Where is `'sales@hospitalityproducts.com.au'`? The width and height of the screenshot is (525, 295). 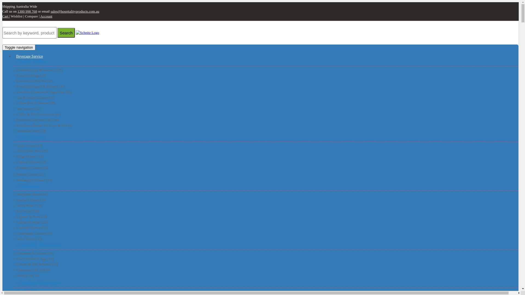
'sales@hospitalityproducts.com.au' is located at coordinates (74, 11).